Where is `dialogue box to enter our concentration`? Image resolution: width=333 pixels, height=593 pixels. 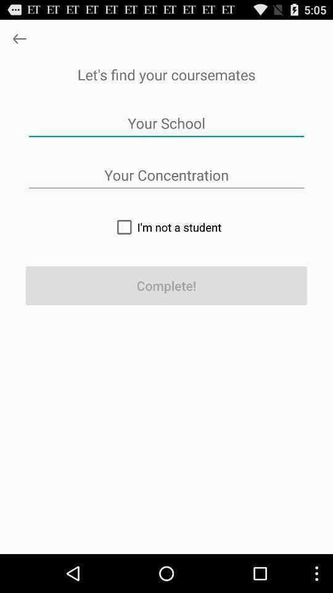
dialogue box to enter our concentration is located at coordinates (166, 174).